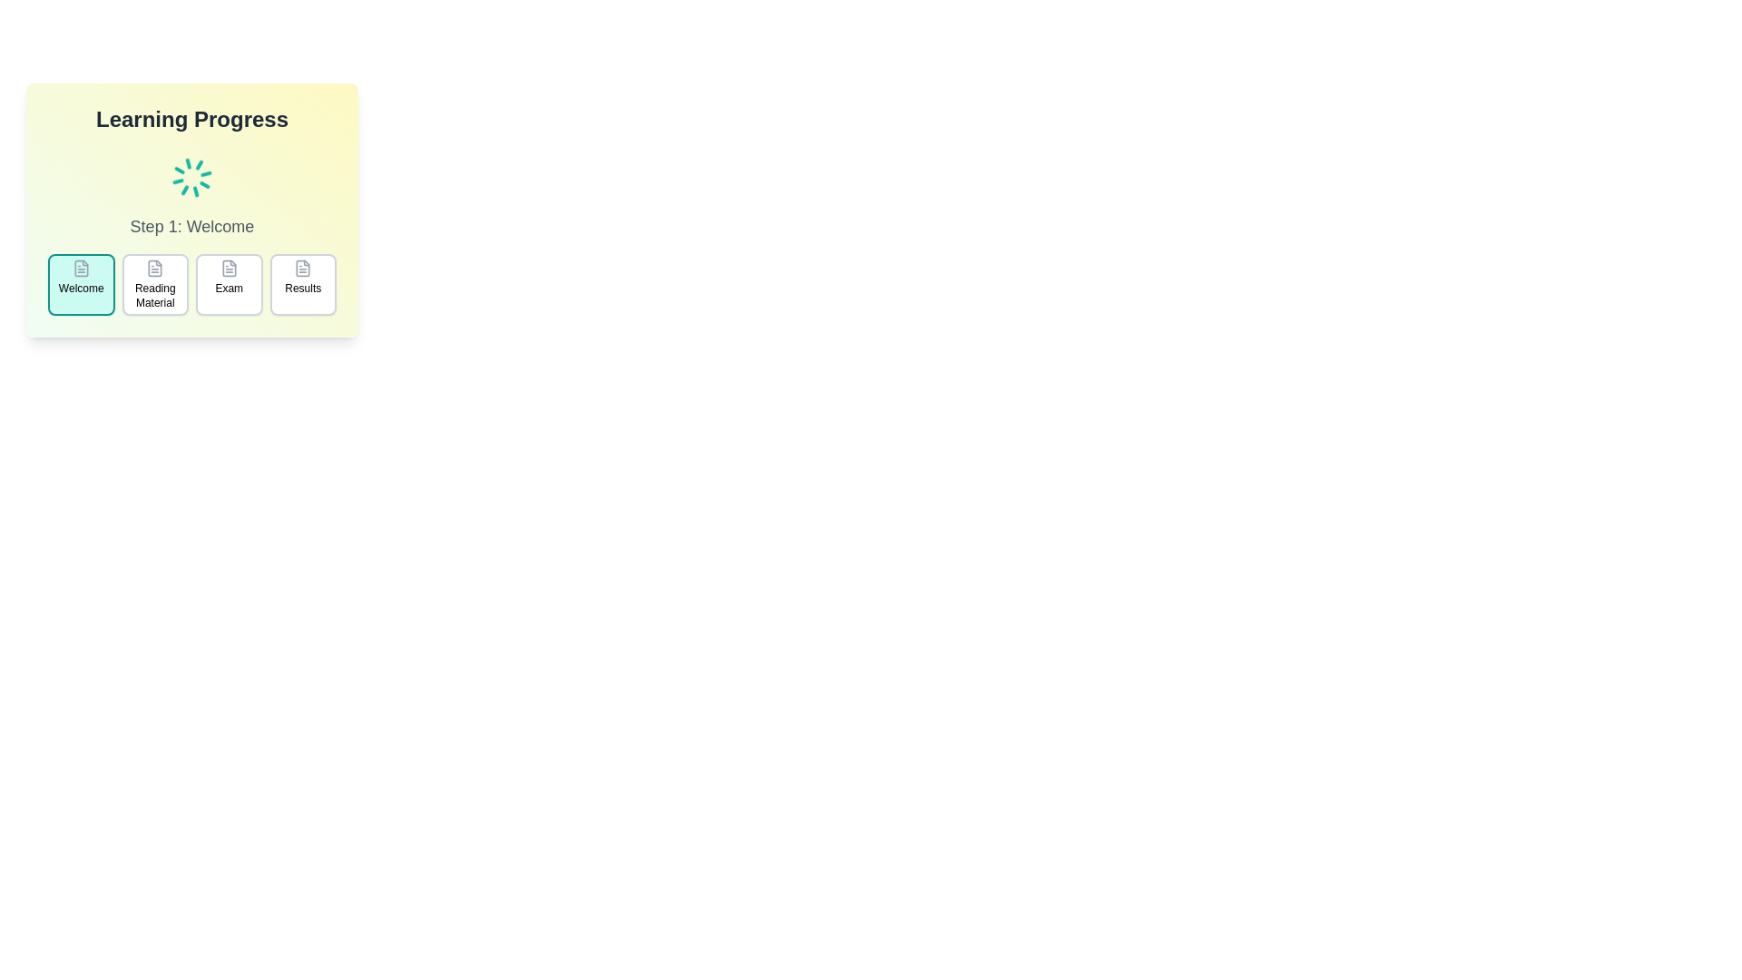 The width and height of the screenshot is (1742, 980). What do you see at coordinates (155, 295) in the screenshot?
I see `the 'Reading Material' label, which is located underneath a document icon and is the second item in a row of four buttons under the 'Learning Progress' header` at bounding box center [155, 295].